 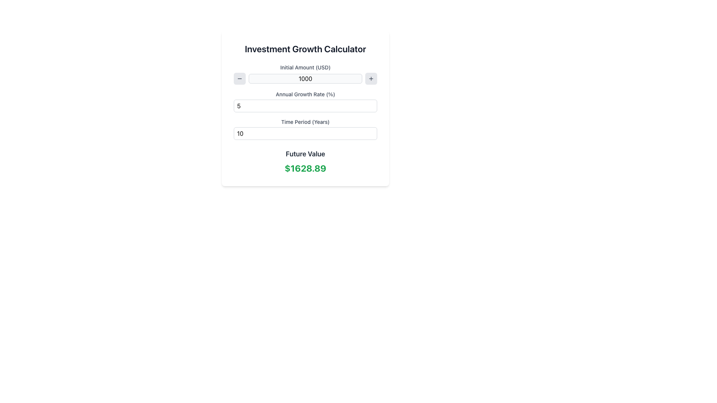 I want to click on the numeric input box for 'Time Period (Years)' in the 'Investment Growth Calculator', so click(x=305, y=133).